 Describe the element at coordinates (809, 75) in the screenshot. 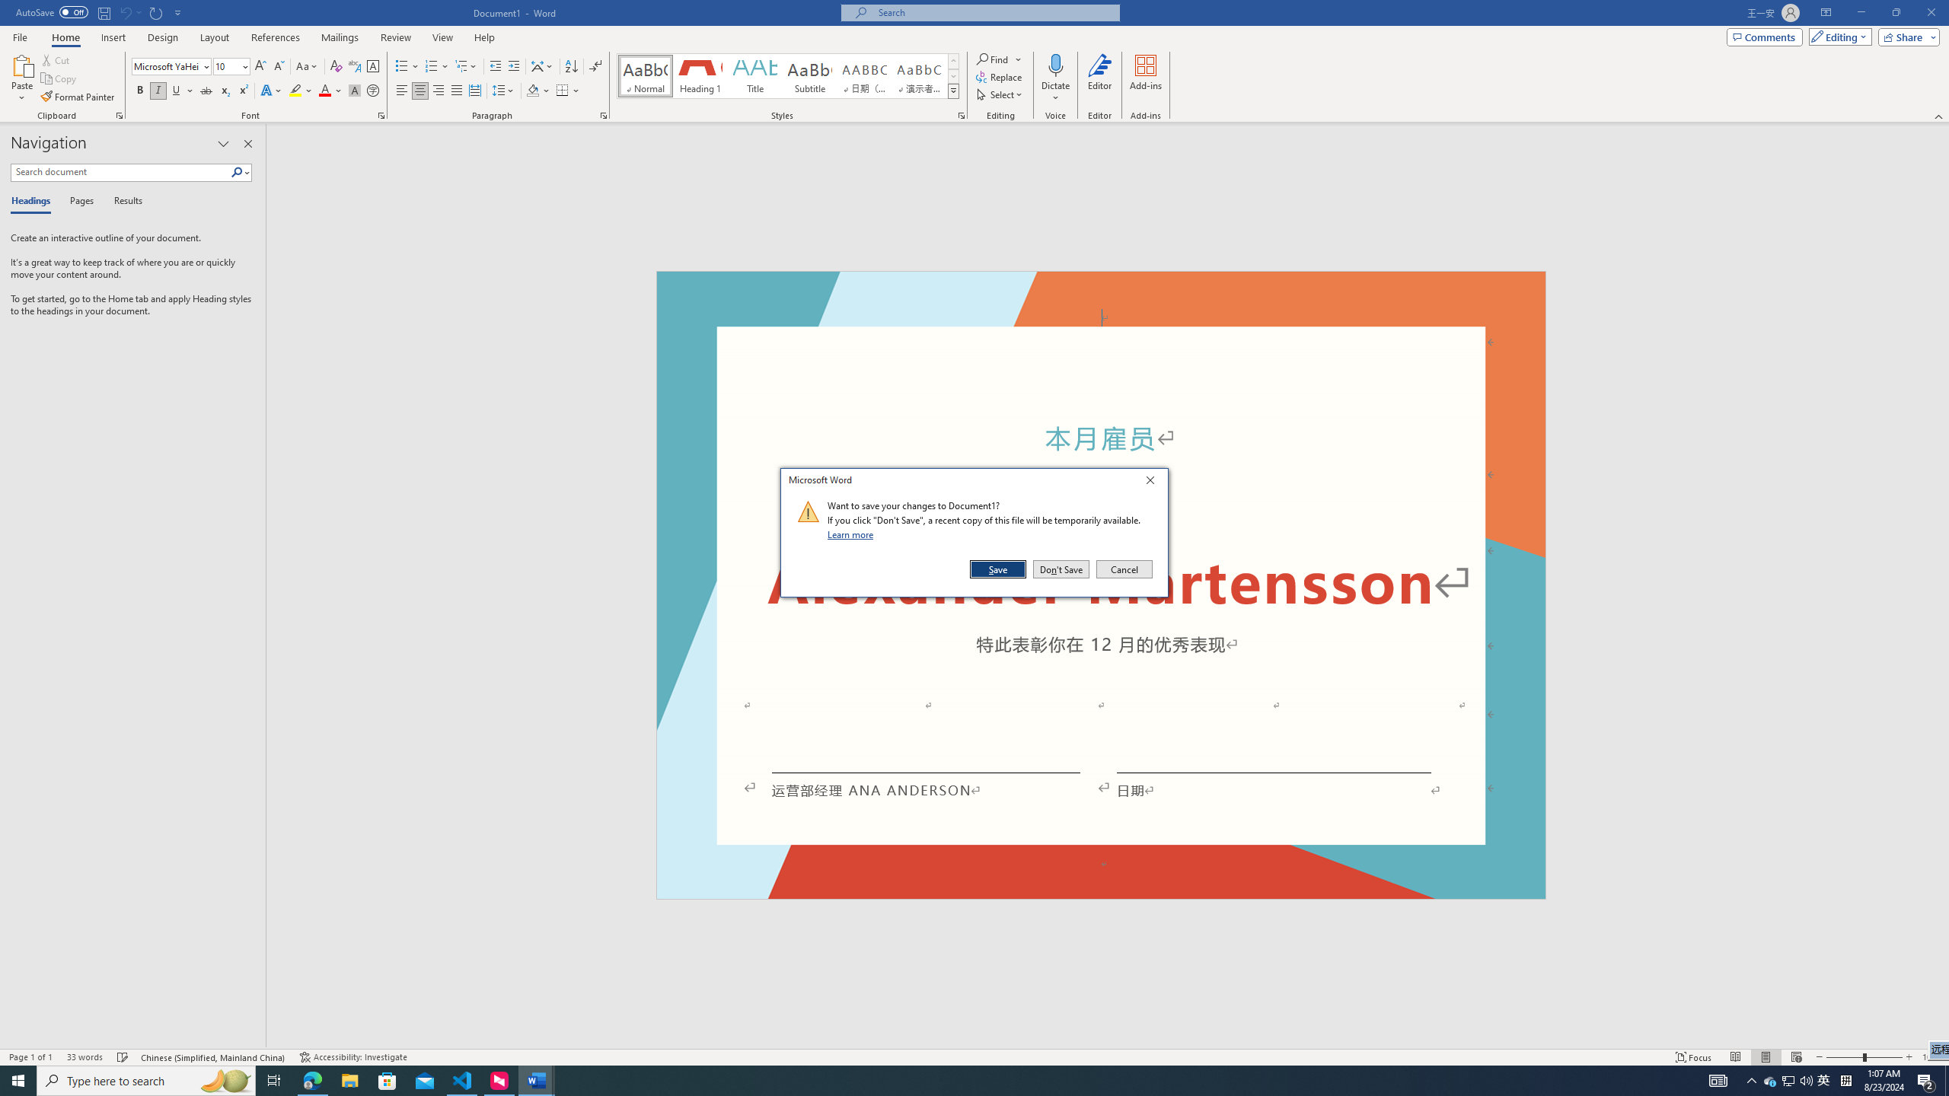

I see `'Subtitle'` at that location.